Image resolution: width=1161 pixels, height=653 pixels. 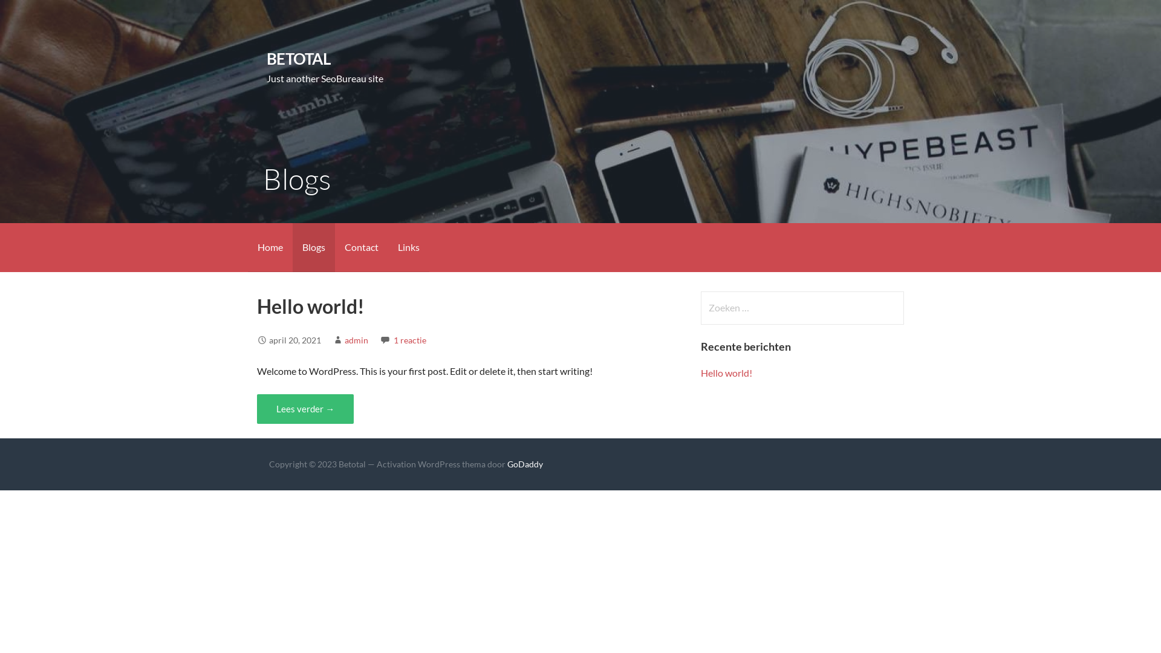 I want to click on 'GoDaddy', so click(x=525, y=463).